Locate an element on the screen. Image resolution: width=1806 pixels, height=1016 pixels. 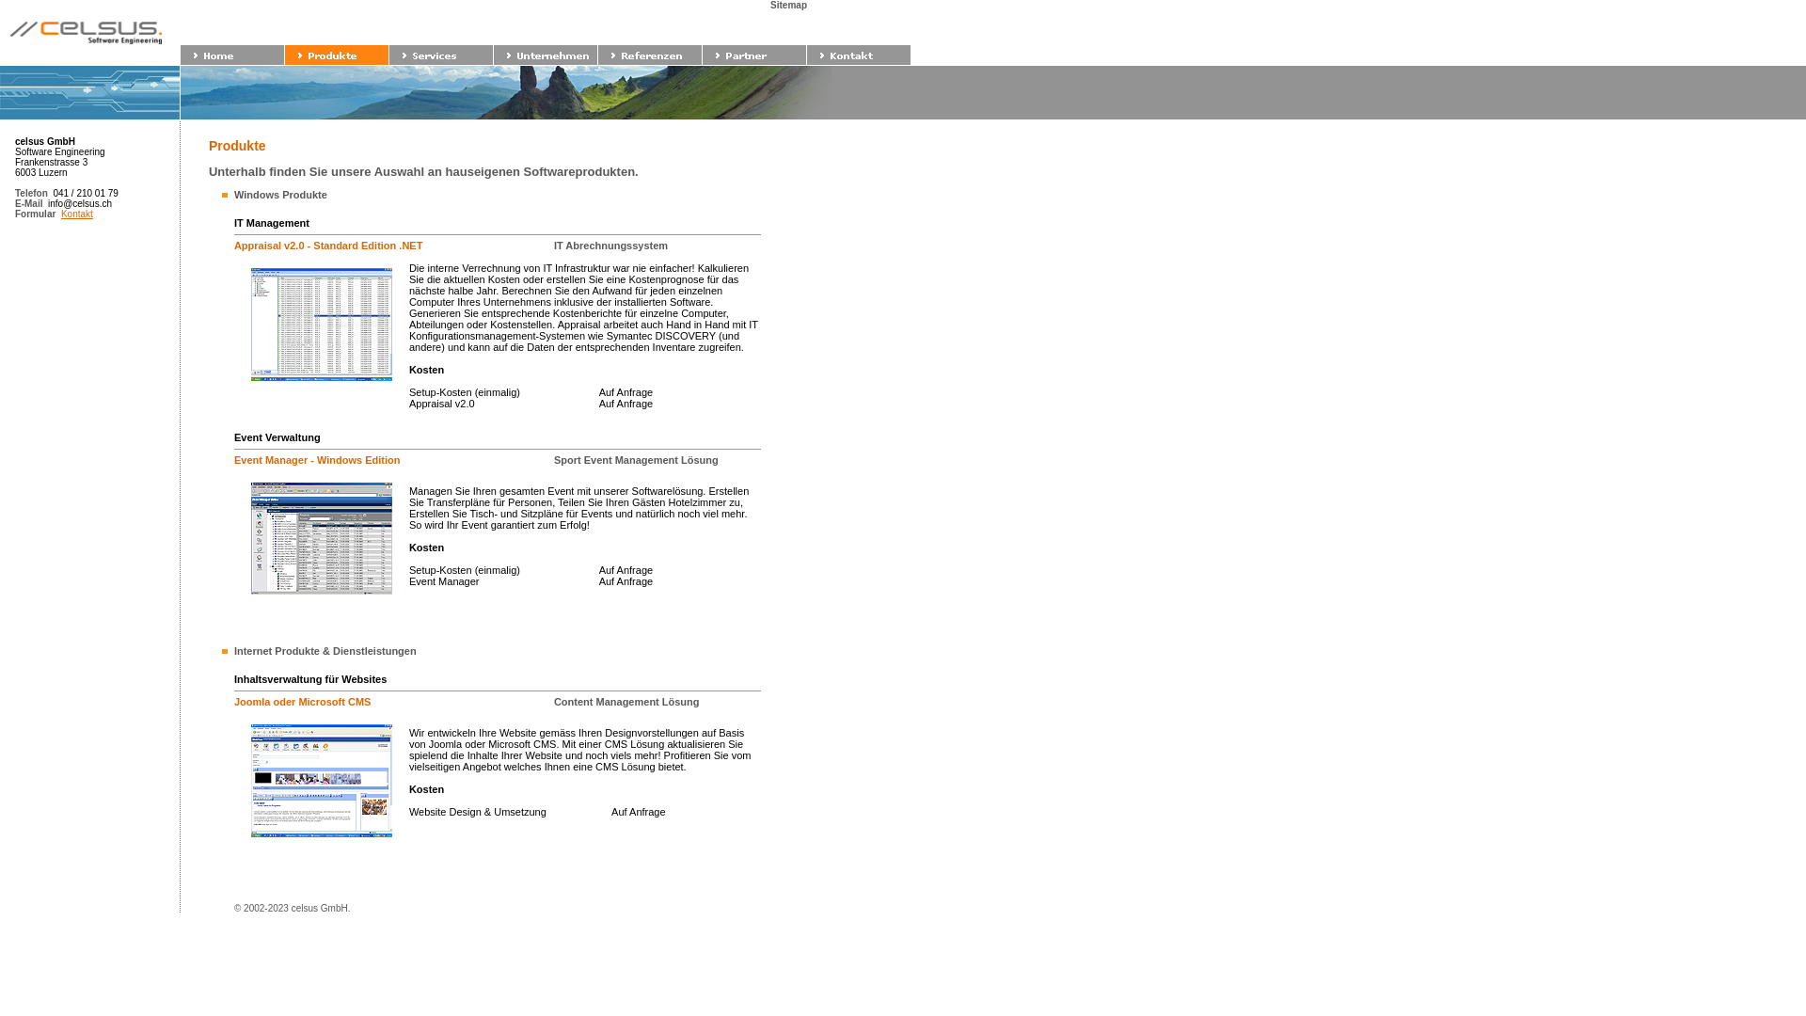
'Kontakt' is located at coordinates (75, 213).